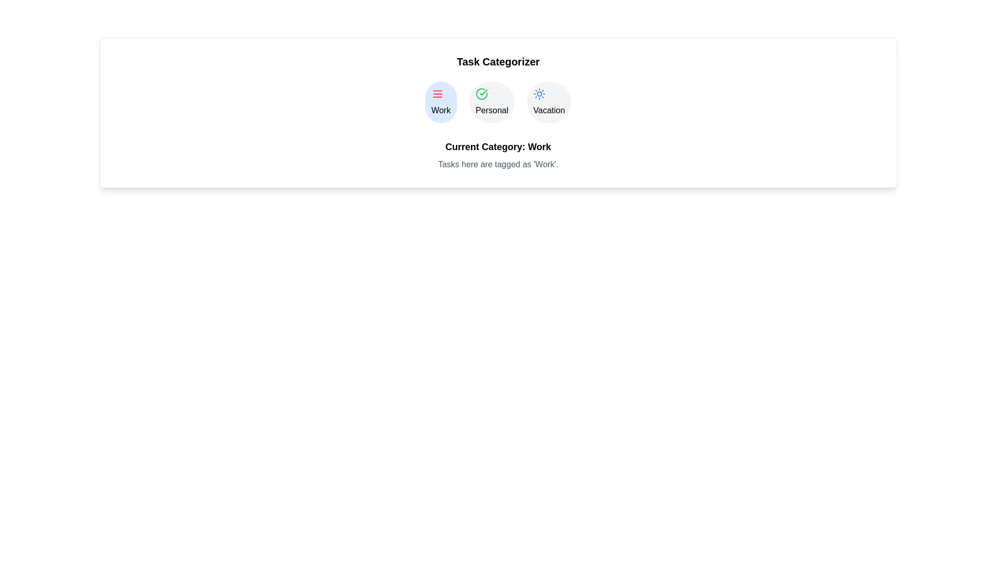 This screenshot has width=997, height=561. I want to click on the circular button labeled 'Personal' with a green checkmark to observe potential hover effects, so click(491, 102).